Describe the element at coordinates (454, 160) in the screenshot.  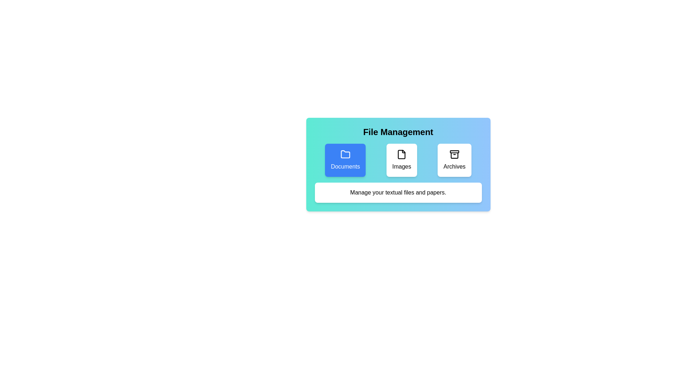
I see `the button corresponding to the category Archives to select it` at that location.